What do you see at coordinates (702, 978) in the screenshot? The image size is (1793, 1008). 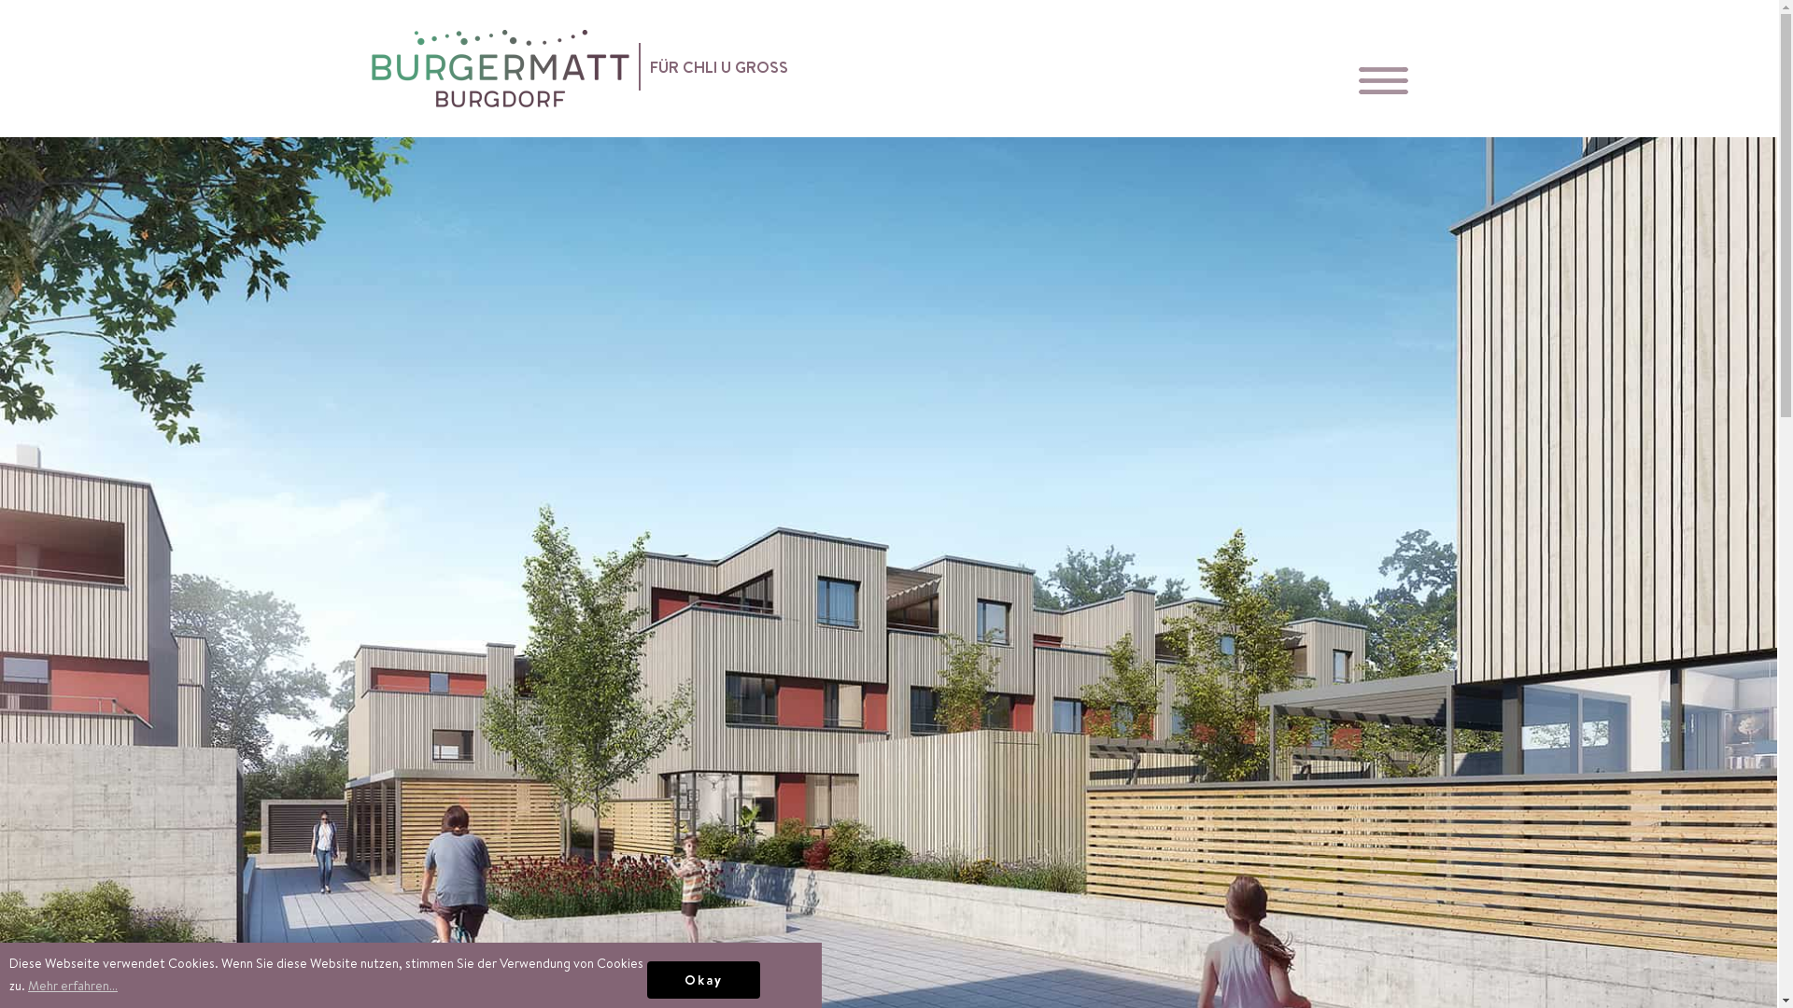 I see `'Okay'` at bounding box center [702, 978].